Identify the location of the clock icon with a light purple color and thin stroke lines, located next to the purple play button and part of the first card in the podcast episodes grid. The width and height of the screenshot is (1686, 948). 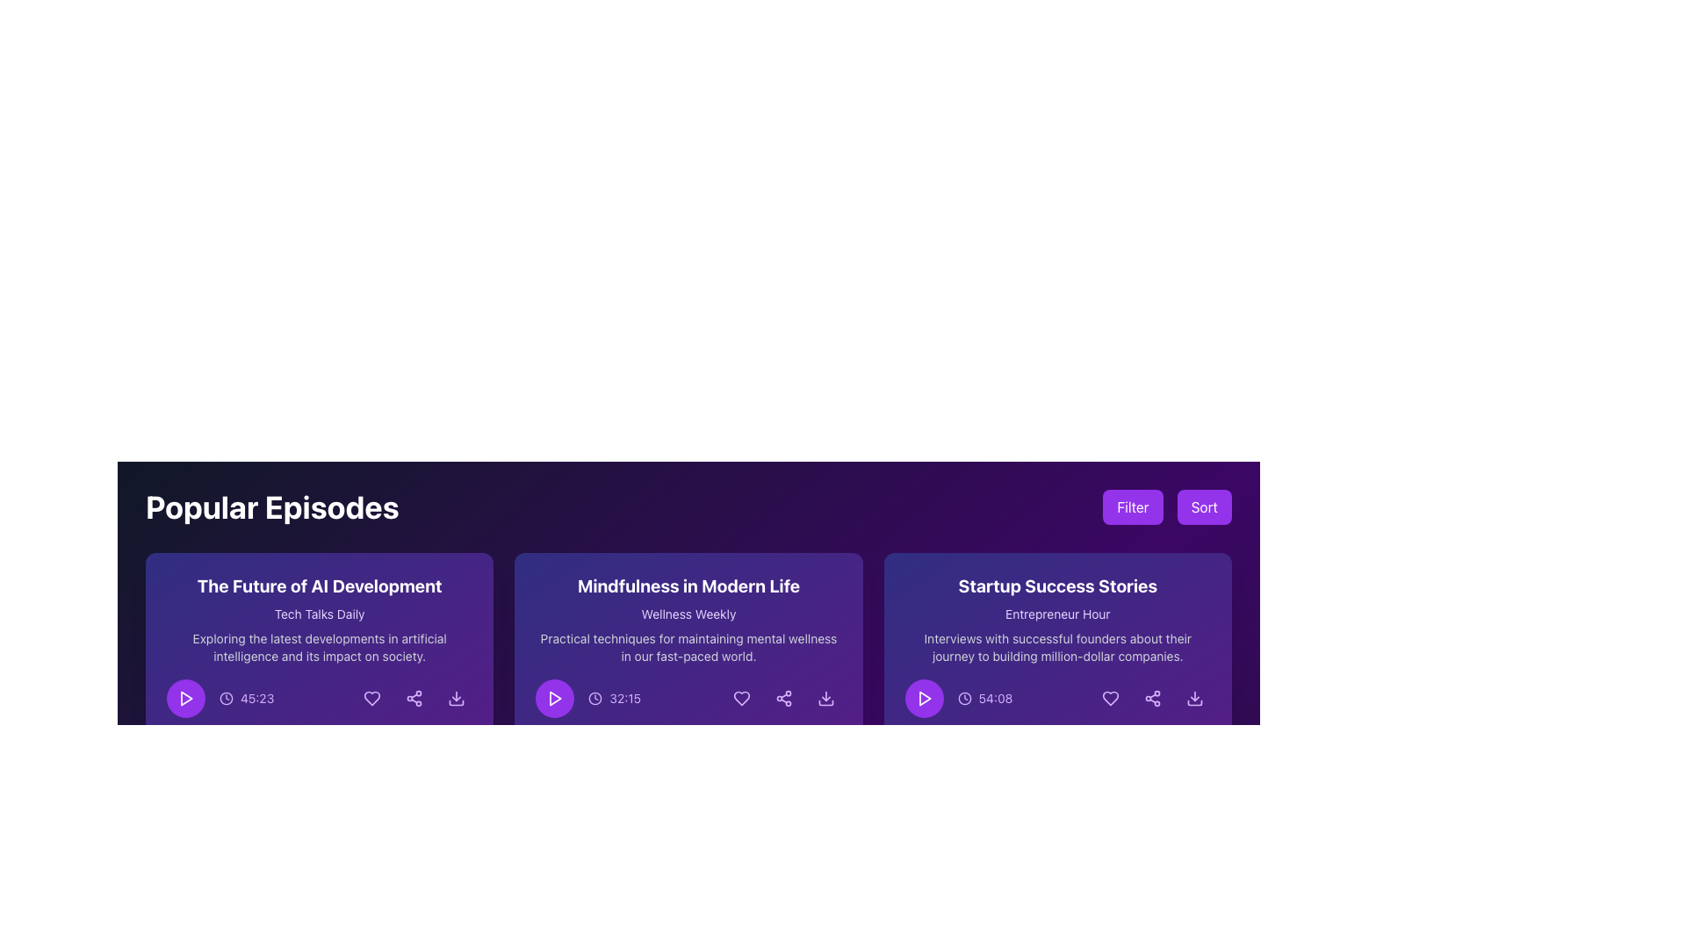
(226, 697).